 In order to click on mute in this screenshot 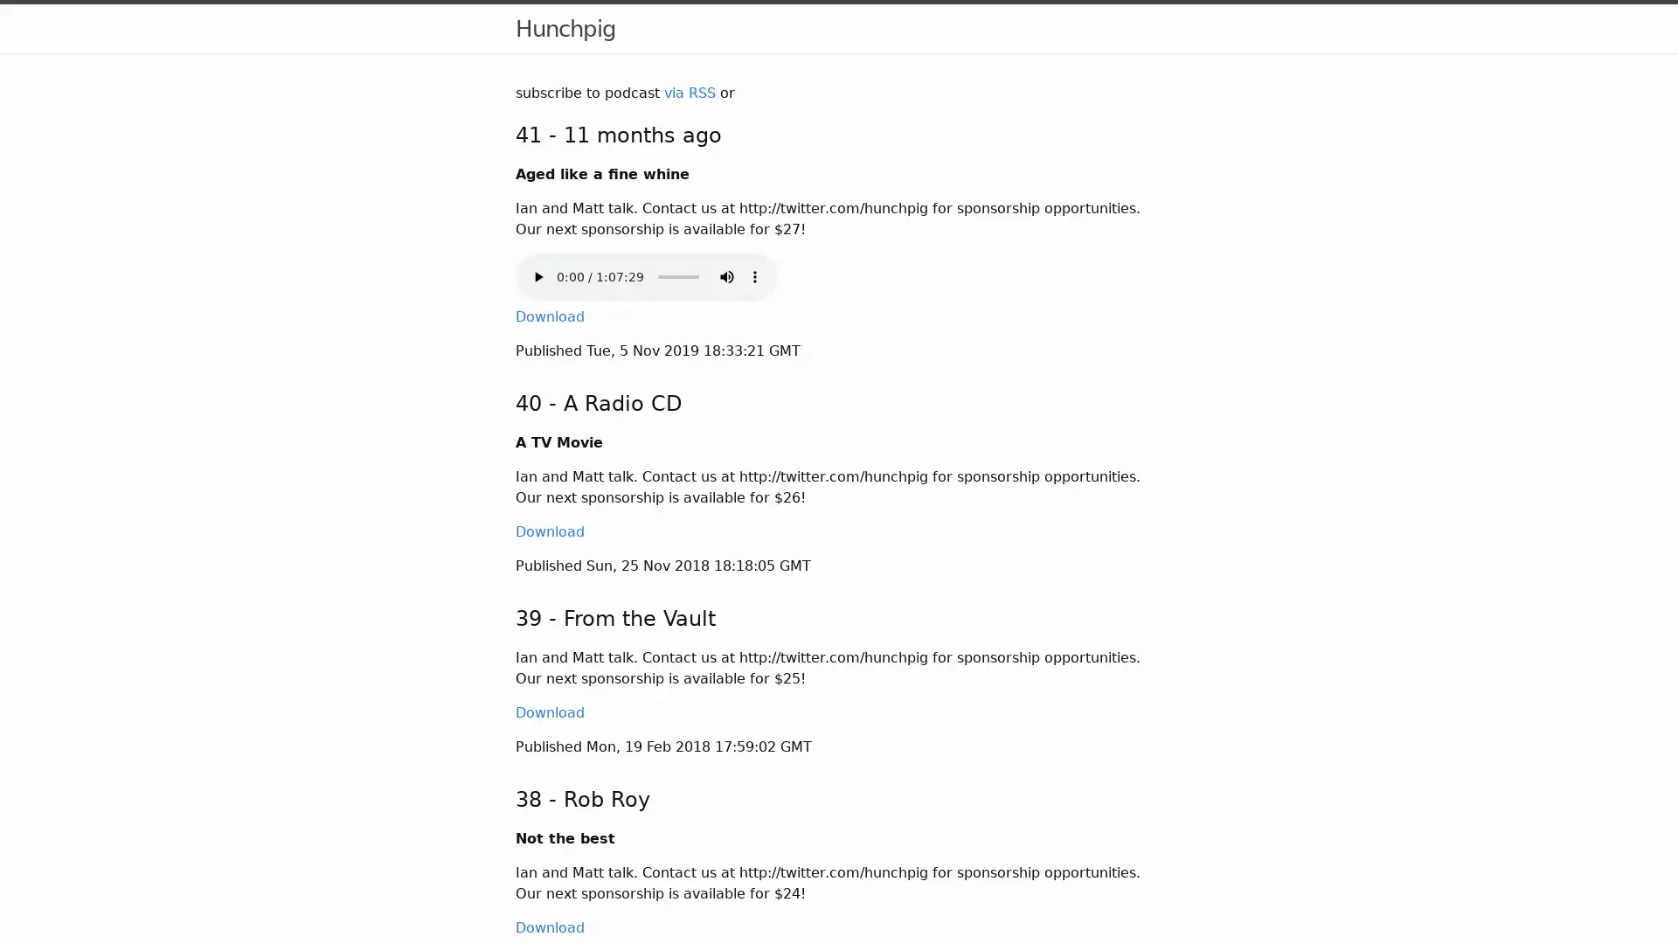, I will do `click(726, 275)`.